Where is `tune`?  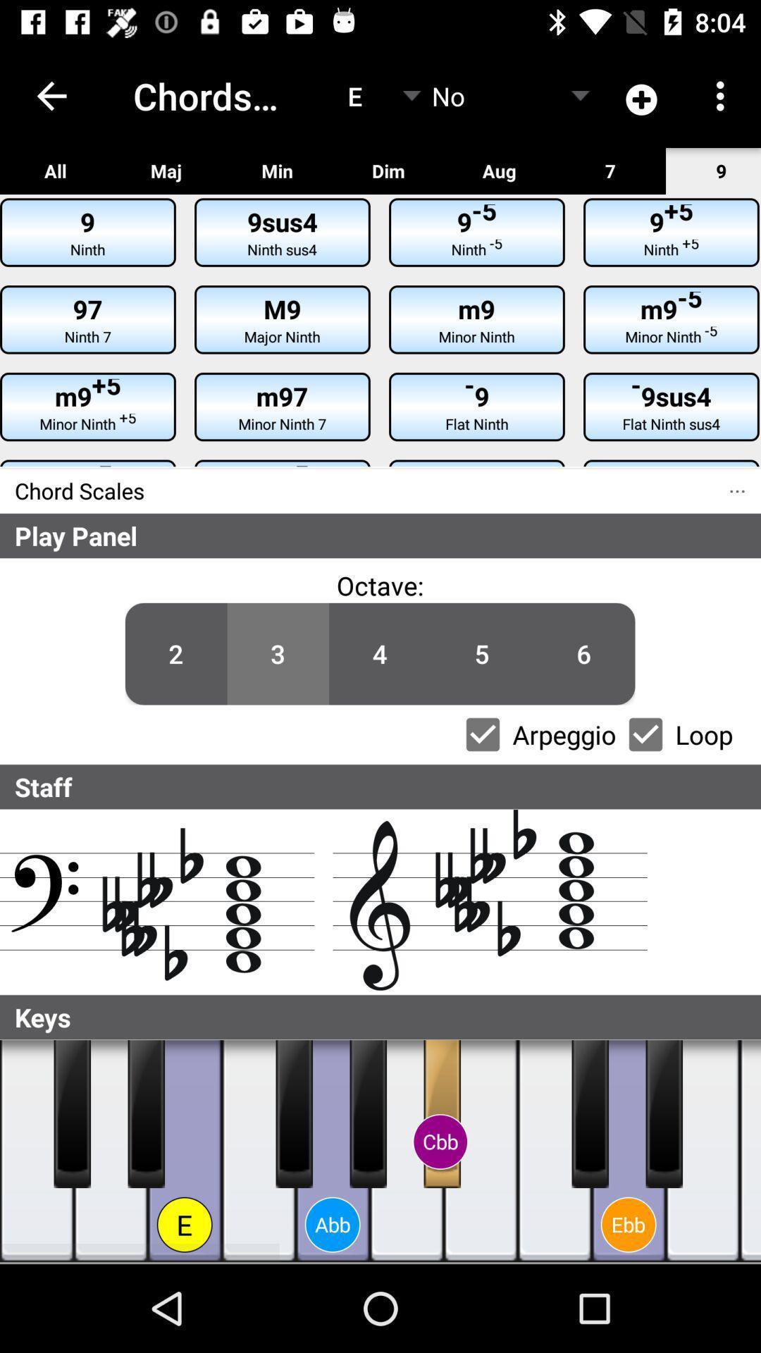
tune is located at coordinates (110, 1151).